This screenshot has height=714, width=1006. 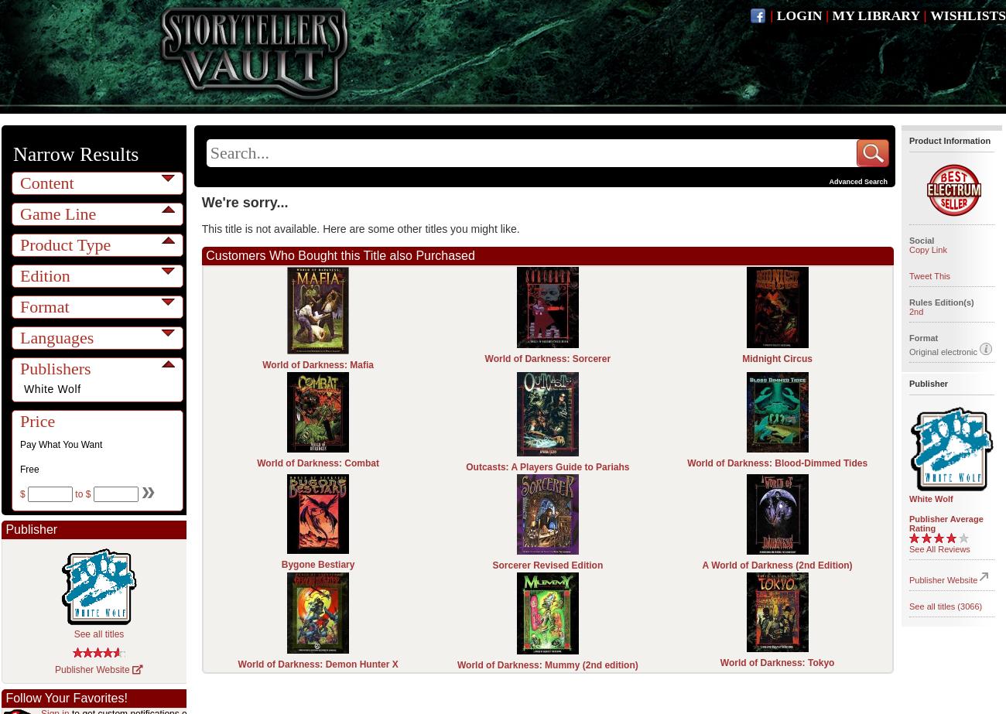 I want to click on 'to $', so click(x=72, y=493).